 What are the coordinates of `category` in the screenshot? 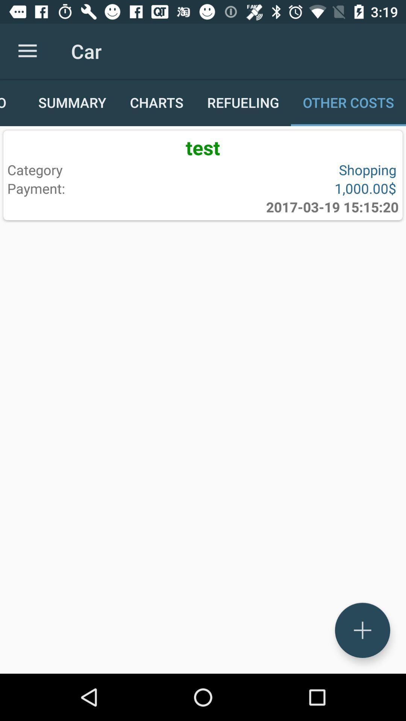 It's located at (103, 169).